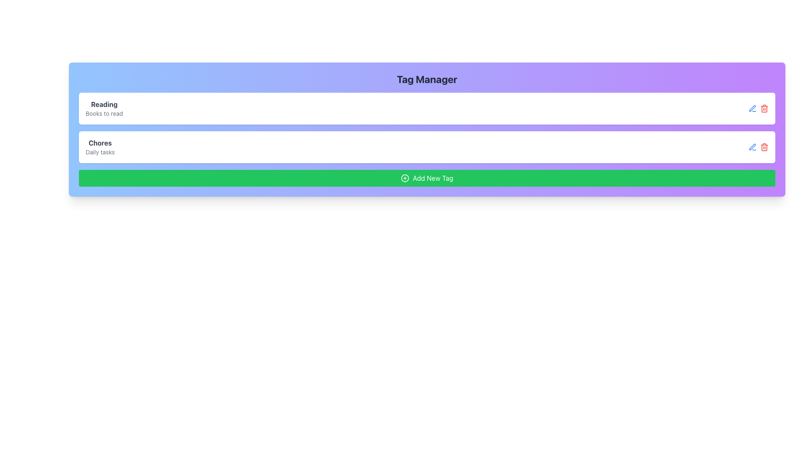 The height and width of the screenshot is (453, 806). I want to click on the text label reading 'Books to read', which is styled in a smaller font size and light gray color, located directly beneath the bolded text 'Reading', so click(104, 113).